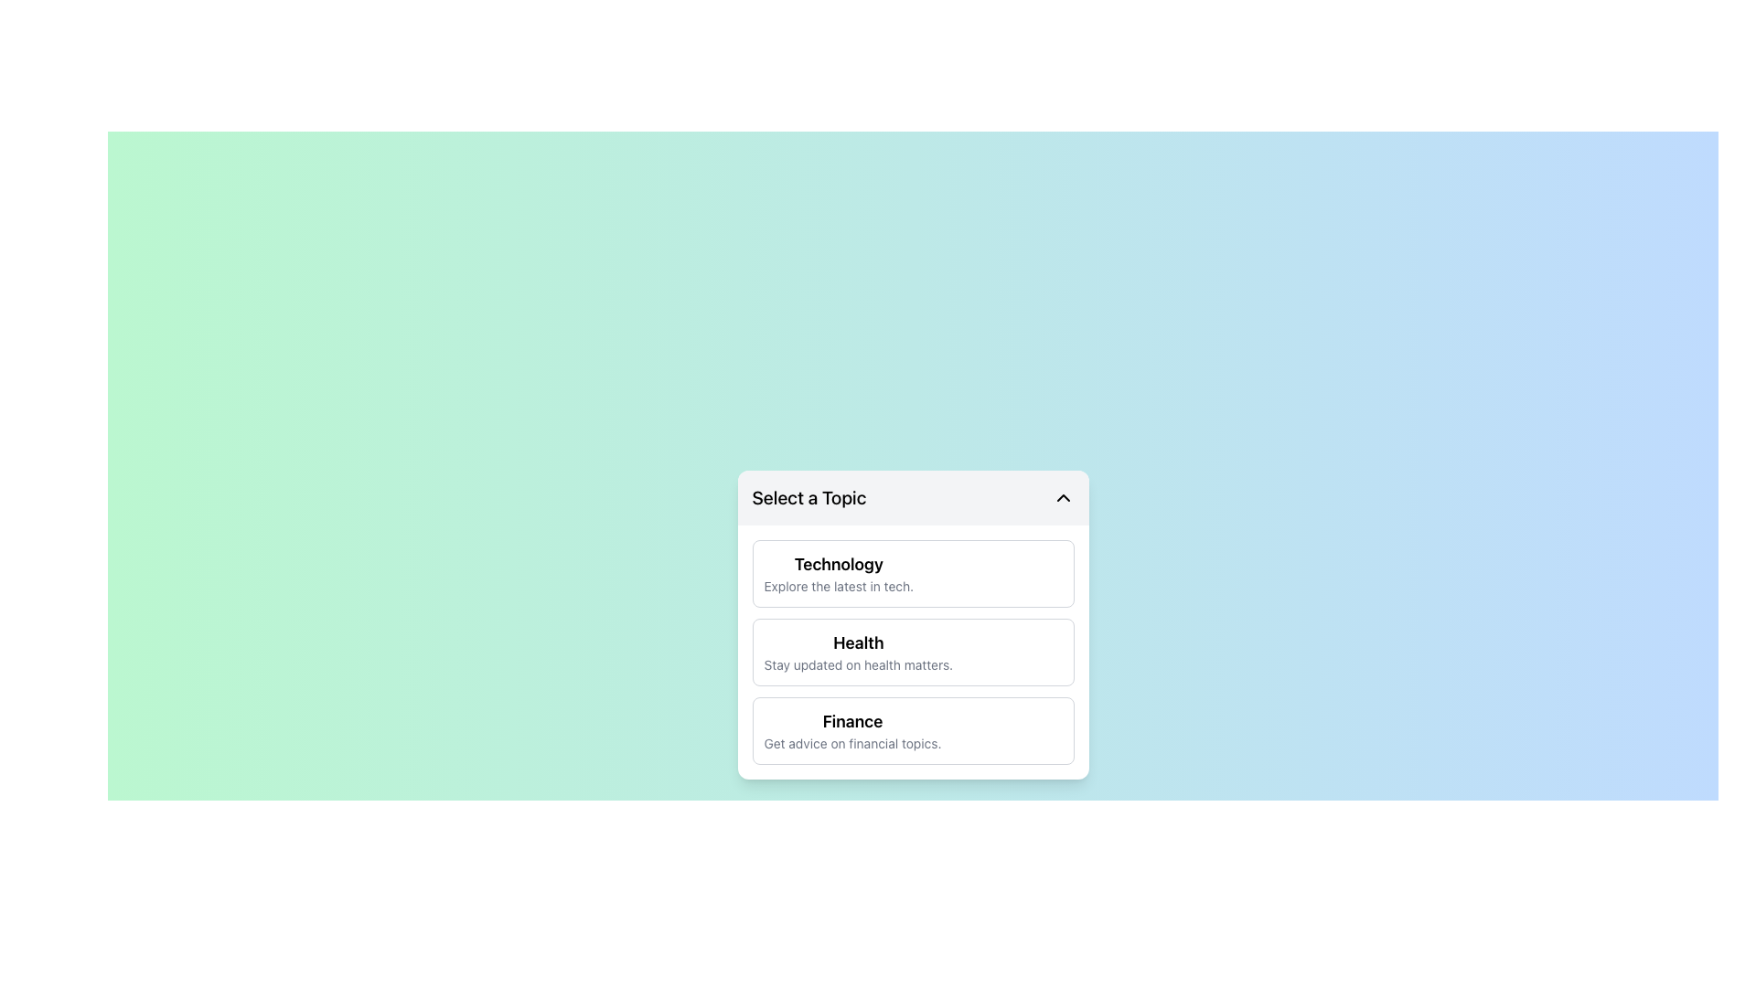 The width and height of the screenshot is (1756, 987). Describe the element at coordinates (913, 651) in the screenshot. I see `the second list item representing the category 'Health' located under 'Select a Topic'` at that location.